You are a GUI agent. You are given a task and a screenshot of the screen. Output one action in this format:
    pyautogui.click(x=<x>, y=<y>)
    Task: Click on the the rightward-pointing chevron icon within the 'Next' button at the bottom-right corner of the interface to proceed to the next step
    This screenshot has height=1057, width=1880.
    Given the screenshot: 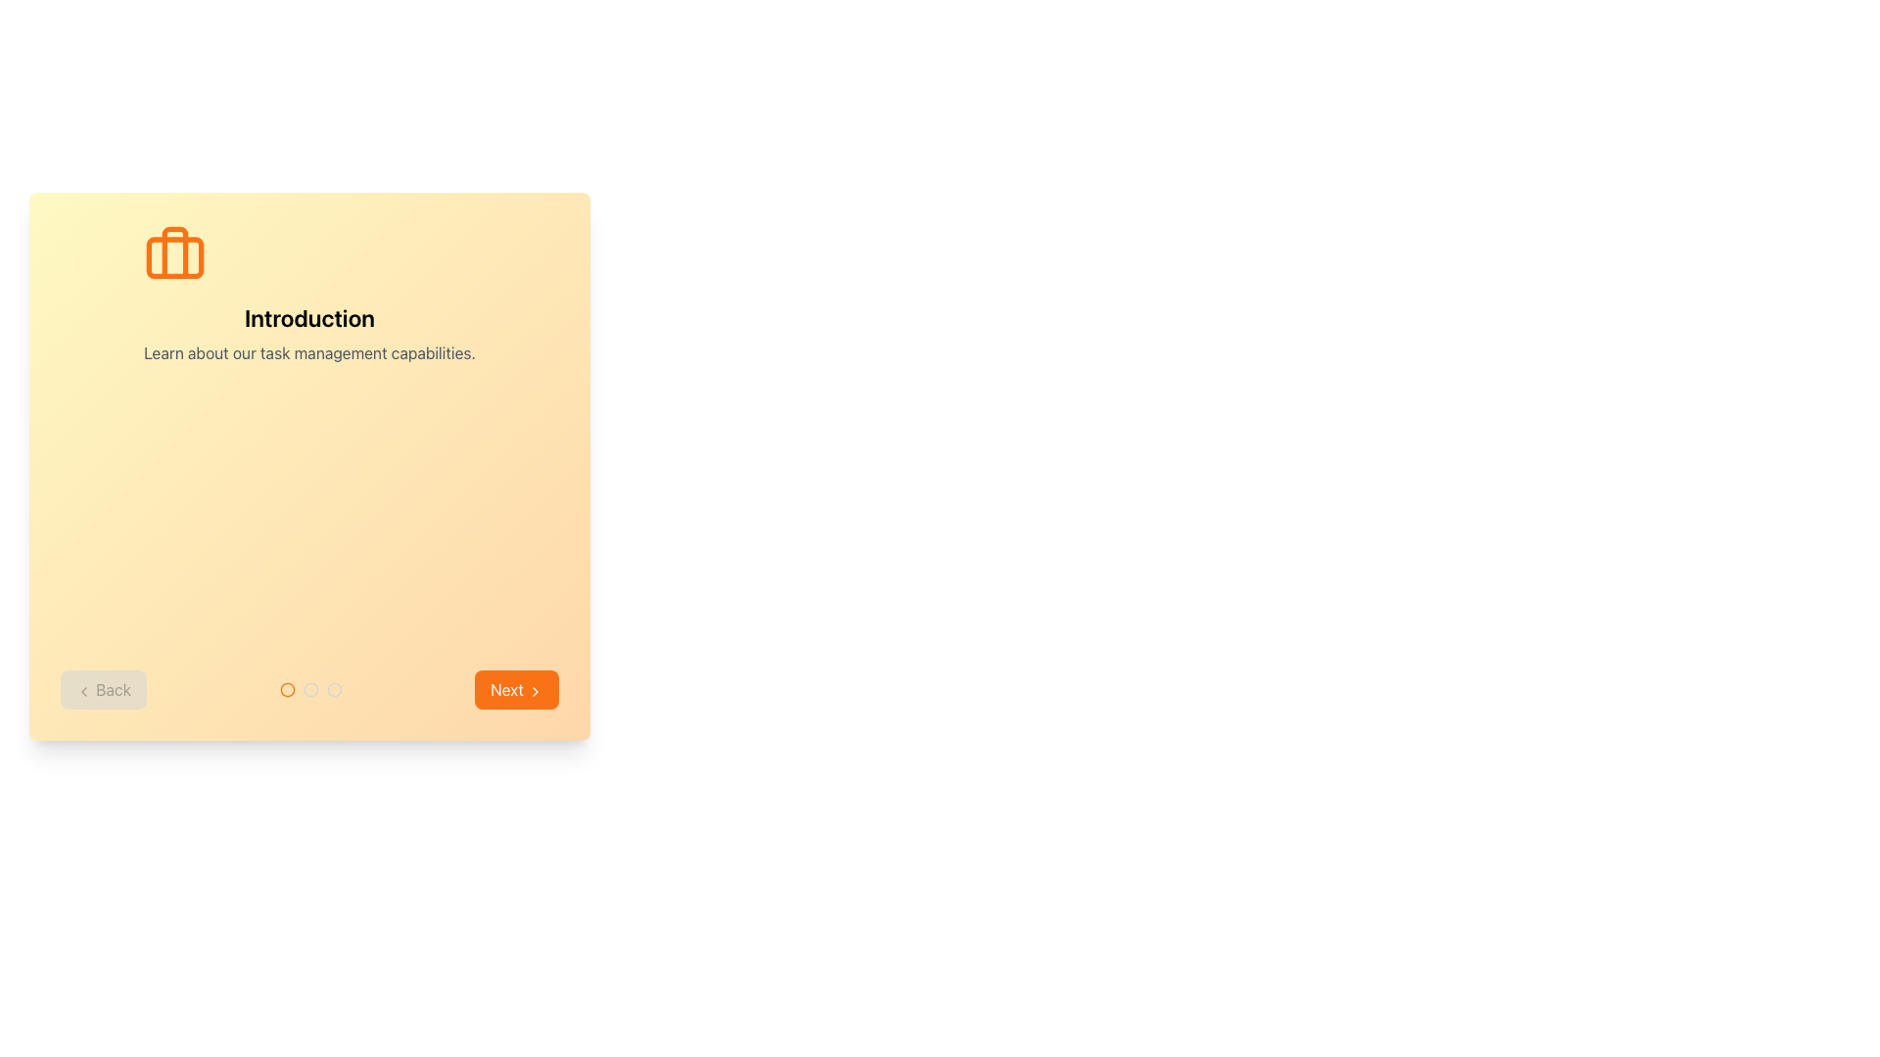 What is the action you would take?
    pyautogui.click(x=536, y=690)
    